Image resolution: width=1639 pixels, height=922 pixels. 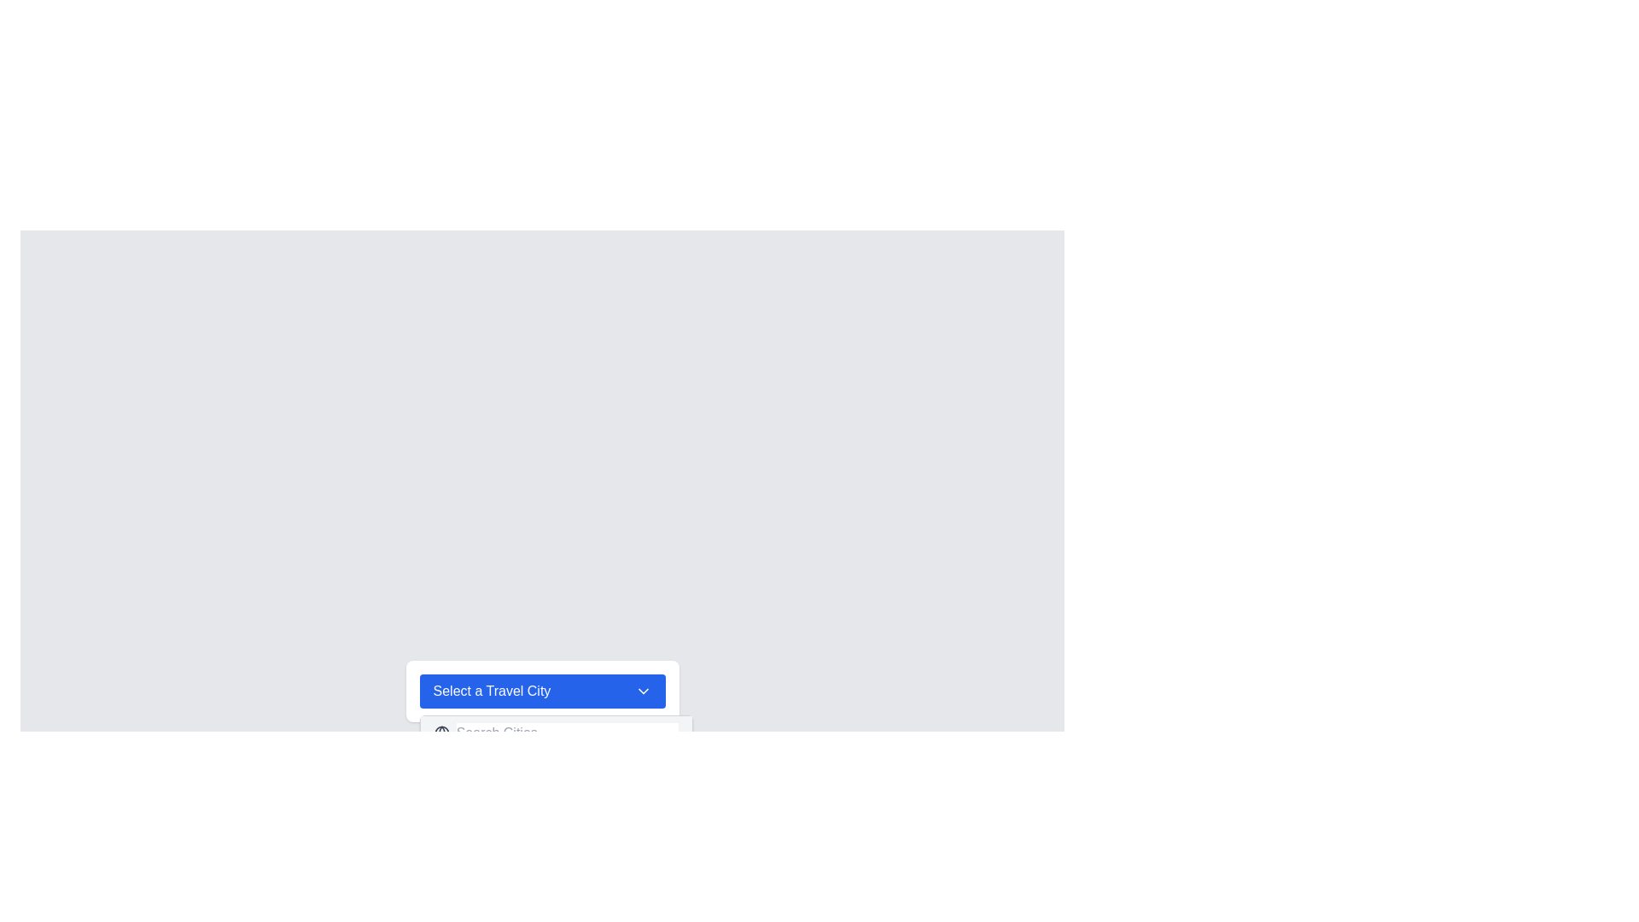 I want to click on the dropdown button located in the top left section of the light-colored box, so click(x=541, y=691).